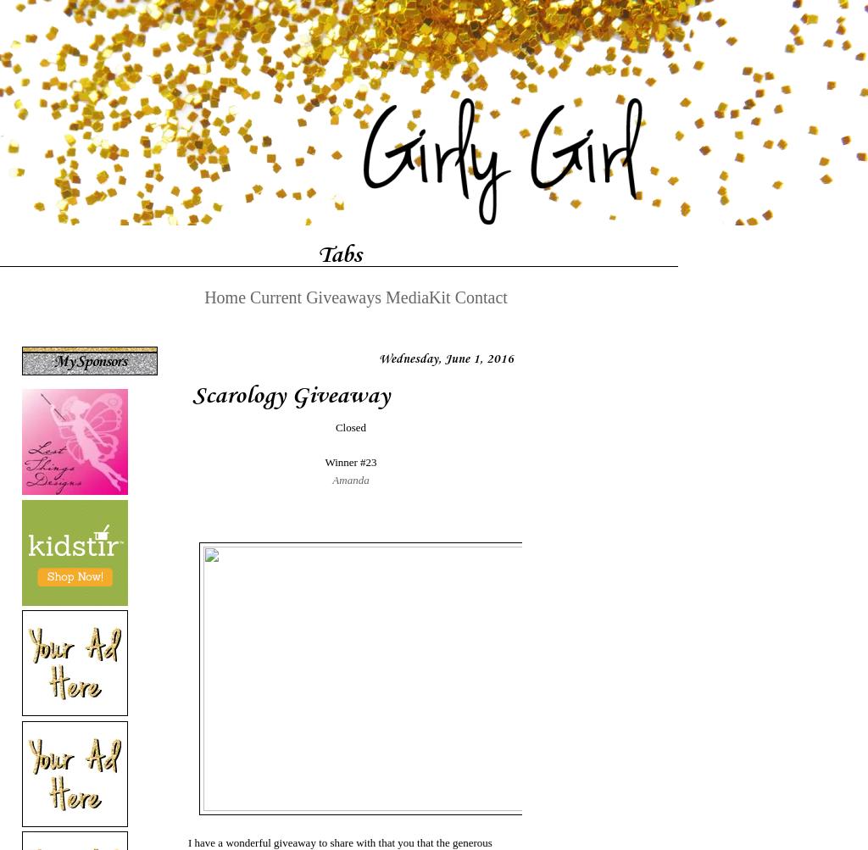  What do you see at coordinates (446, 358) in the screenshot?
I see `'Wednesday, June 1, 2016'` at bounding box center [446, 358].